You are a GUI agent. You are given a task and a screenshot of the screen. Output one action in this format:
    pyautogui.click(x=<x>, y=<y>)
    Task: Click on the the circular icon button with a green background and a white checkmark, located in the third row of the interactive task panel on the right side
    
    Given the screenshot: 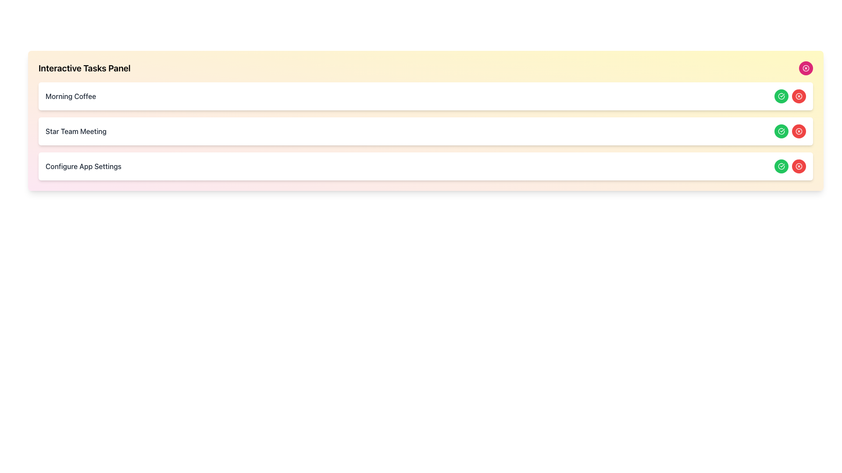 What is the action you would take?
    pyautogui.click(x=781, y=166)
    